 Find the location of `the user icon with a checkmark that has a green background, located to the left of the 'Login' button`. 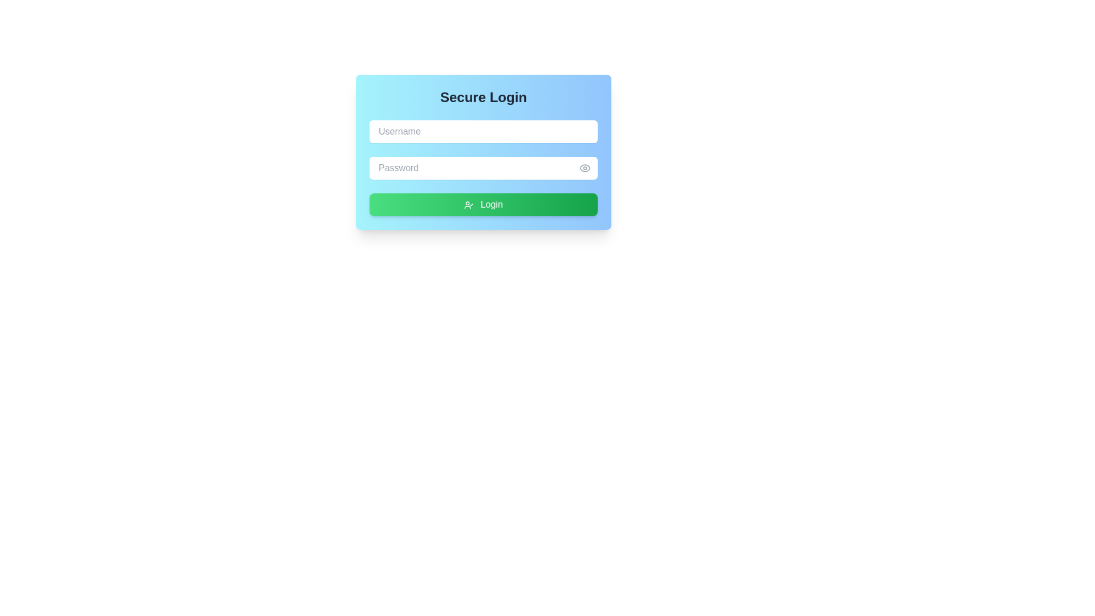

the user icon with a checkmark that has a green background, located to the left of the 'Login' button is located at coordinates (469, 204).